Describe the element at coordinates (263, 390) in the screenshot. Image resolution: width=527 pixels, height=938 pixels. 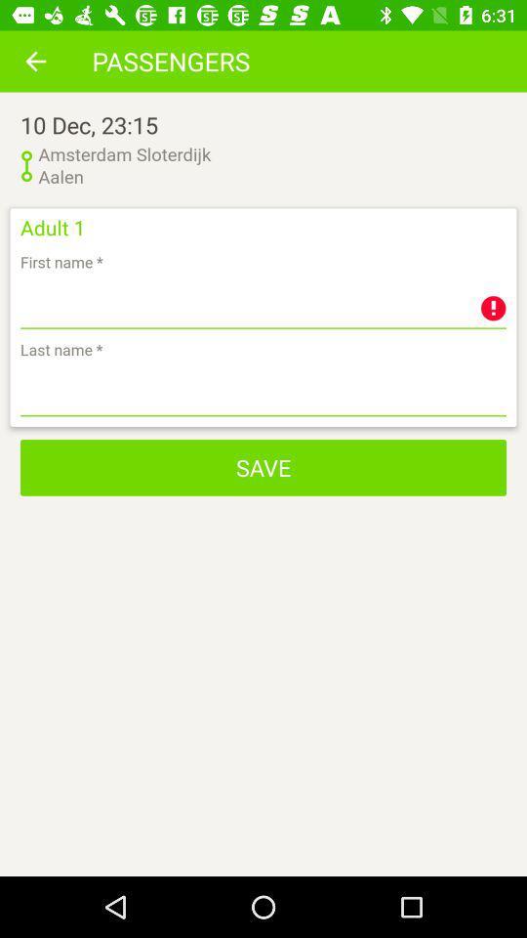
I see `flixbus smart bus travel` at that location.